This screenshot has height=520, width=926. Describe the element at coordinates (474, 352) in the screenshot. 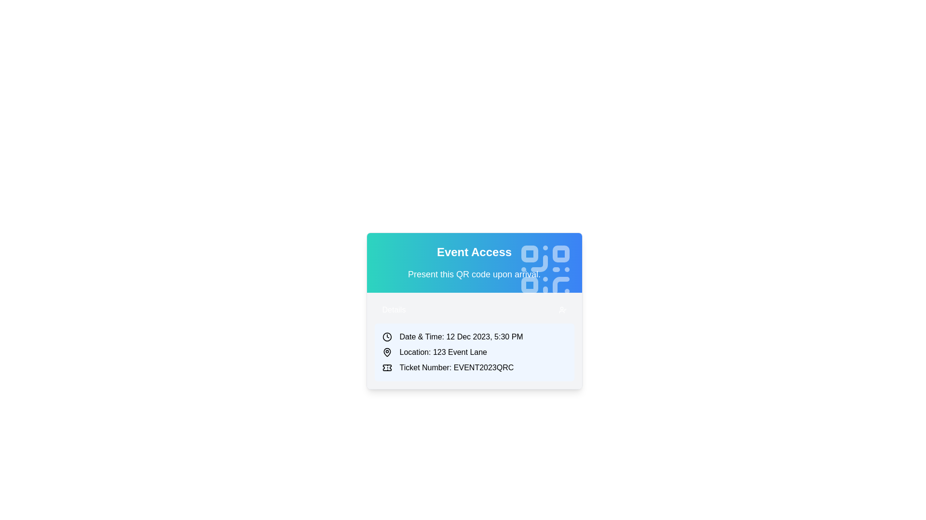

I see `address displayed in the text label that shows 'Location: 123 Event Lane', which is the second item in the vertically stacked list inside the 'Event Access' box` at that location.